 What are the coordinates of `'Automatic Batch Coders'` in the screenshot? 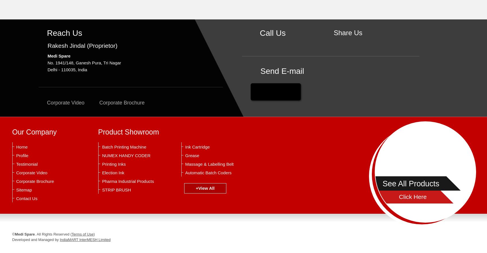 It's located at (208, 173).